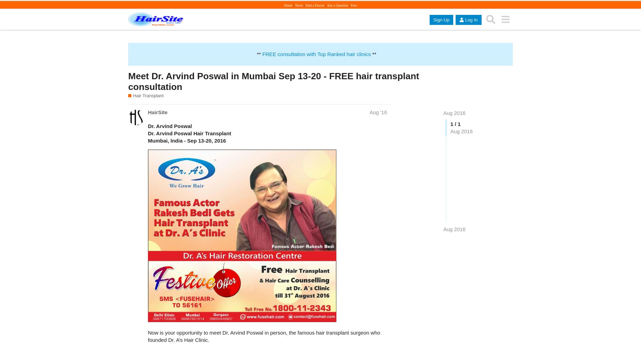 Image resolution: width=641 pixels, height=346 pixels. Describe the element at coordinates (337, 5) in the screenshot. I see `'Ask a Question'` at that location.